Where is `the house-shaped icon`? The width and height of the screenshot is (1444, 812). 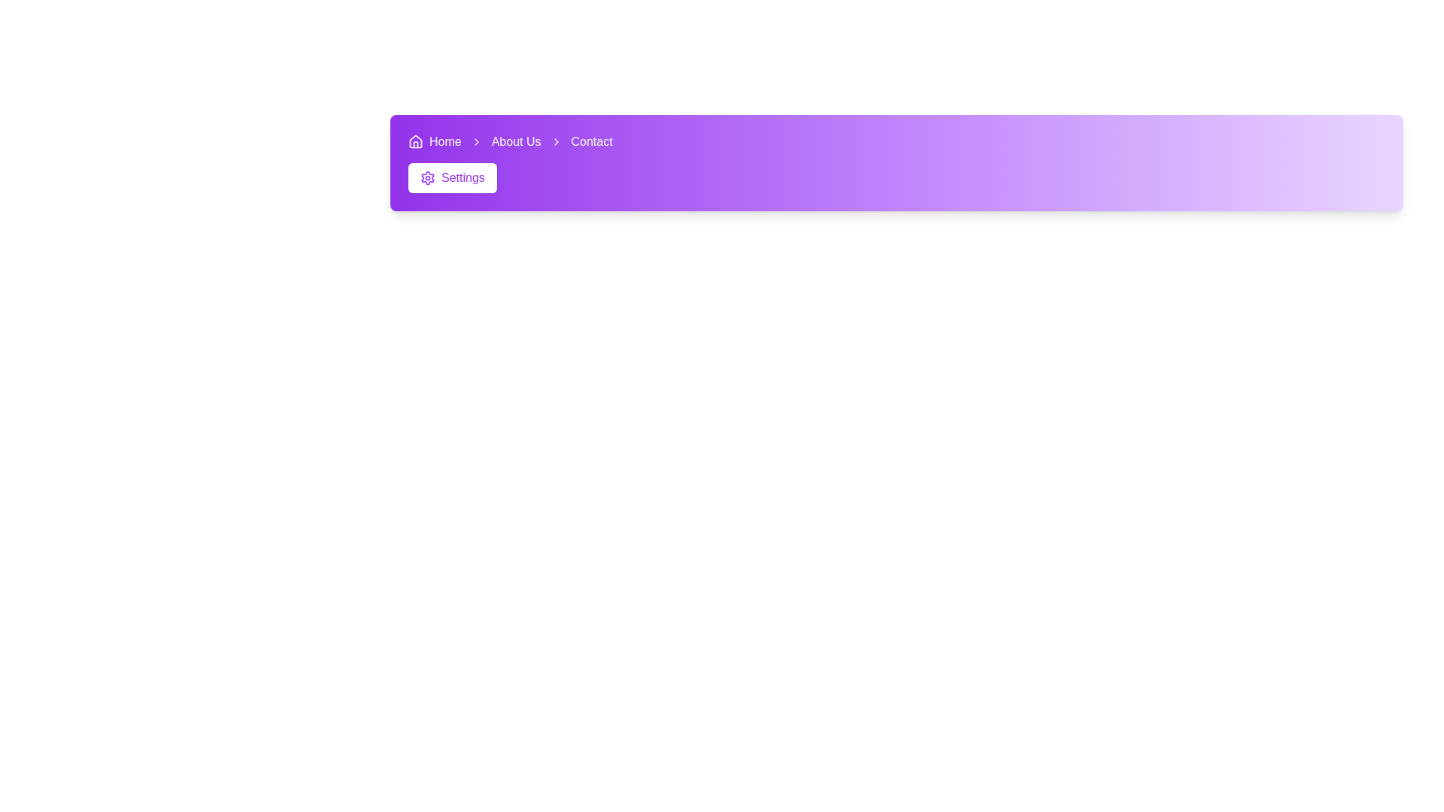 the house-shaped icon is located at coordinates (415, 142).